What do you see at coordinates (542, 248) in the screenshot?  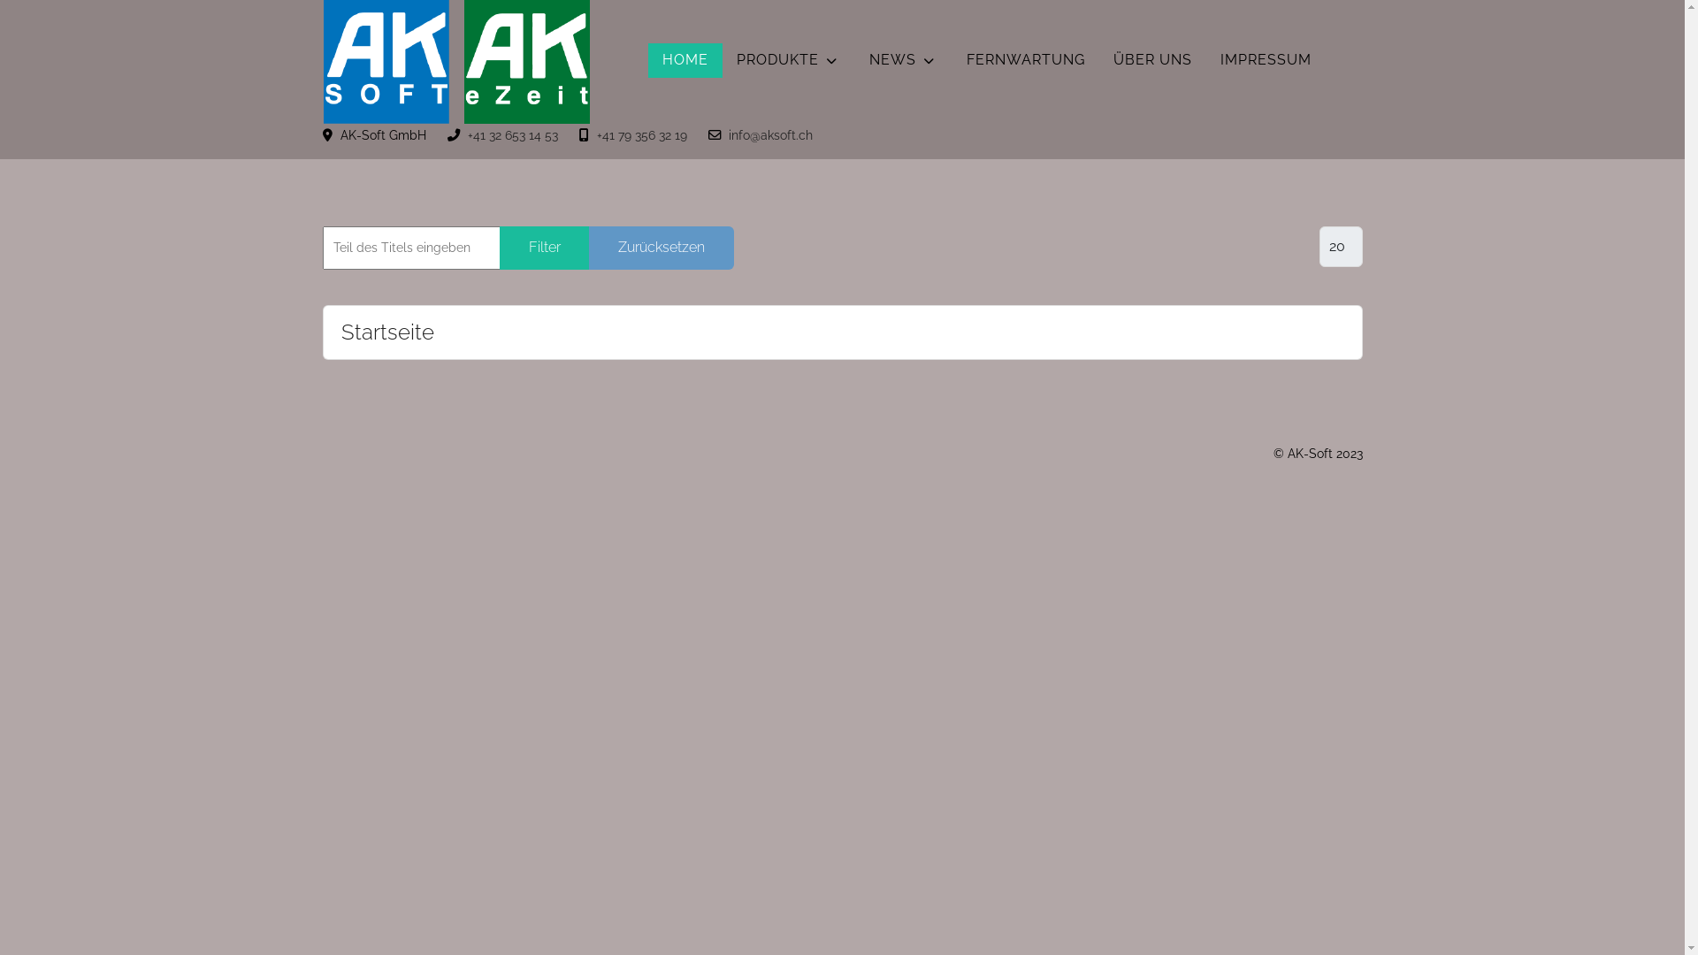 I see `'Filter'` at bounding box center [542, 248].